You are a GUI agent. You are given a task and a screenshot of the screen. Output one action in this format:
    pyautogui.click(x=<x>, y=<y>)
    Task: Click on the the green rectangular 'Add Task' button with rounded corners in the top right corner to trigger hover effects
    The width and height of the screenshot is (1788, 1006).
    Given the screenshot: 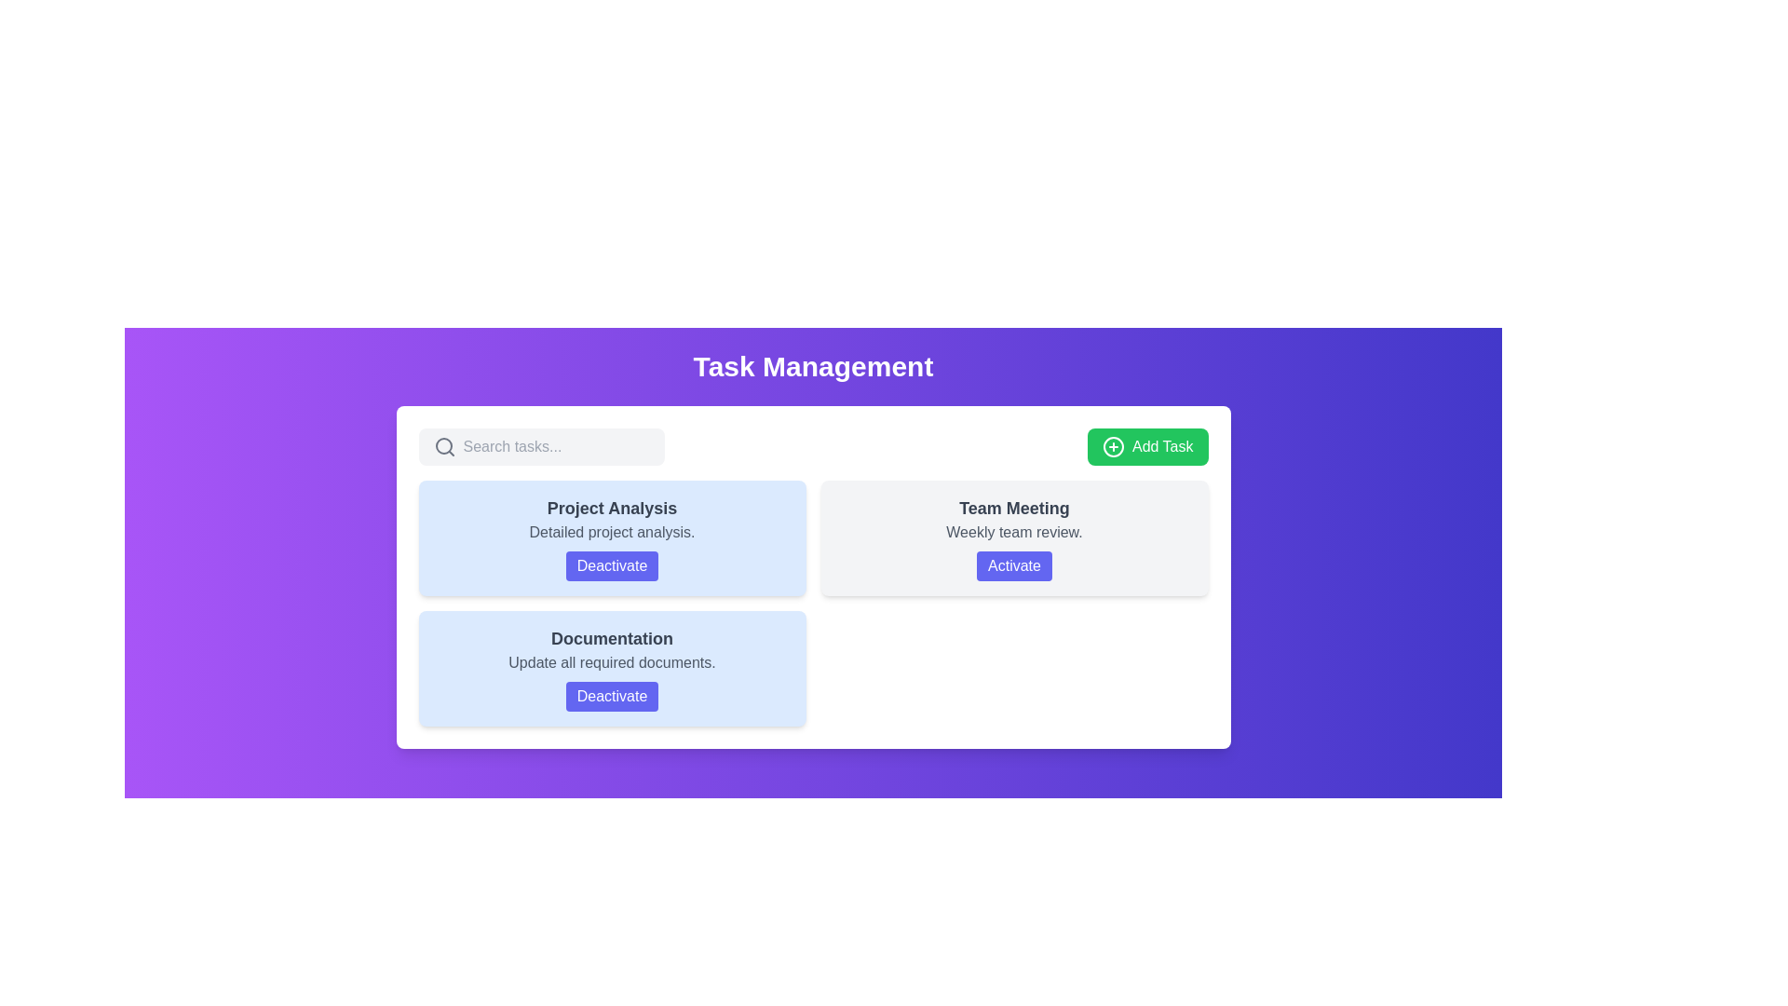 What is the action you would take?
    pyautogui.click(x=1146, y=446)
    